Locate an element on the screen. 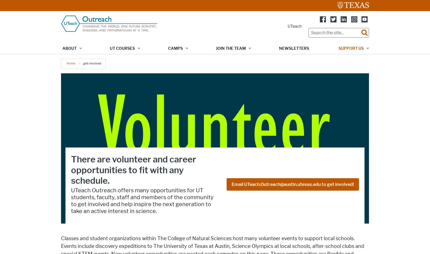 Image resolution: width=430 pixels, height=254 pixels. 'Home' is located at coordinates (66, 63).